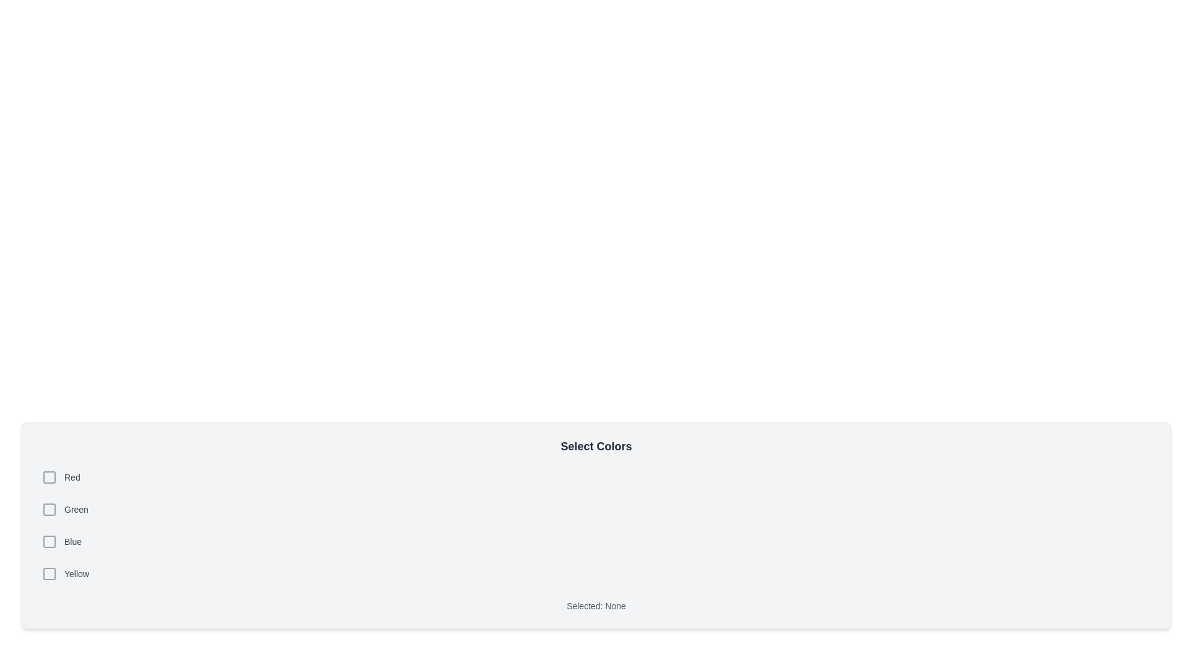  What do you see at coordinates (50, 541) in the screenshot?
I see `the graphical checkbox icon, which is a small square icon with a thin border and a central filling, located before the text 'Blue'` at bounding box center [50, 541].